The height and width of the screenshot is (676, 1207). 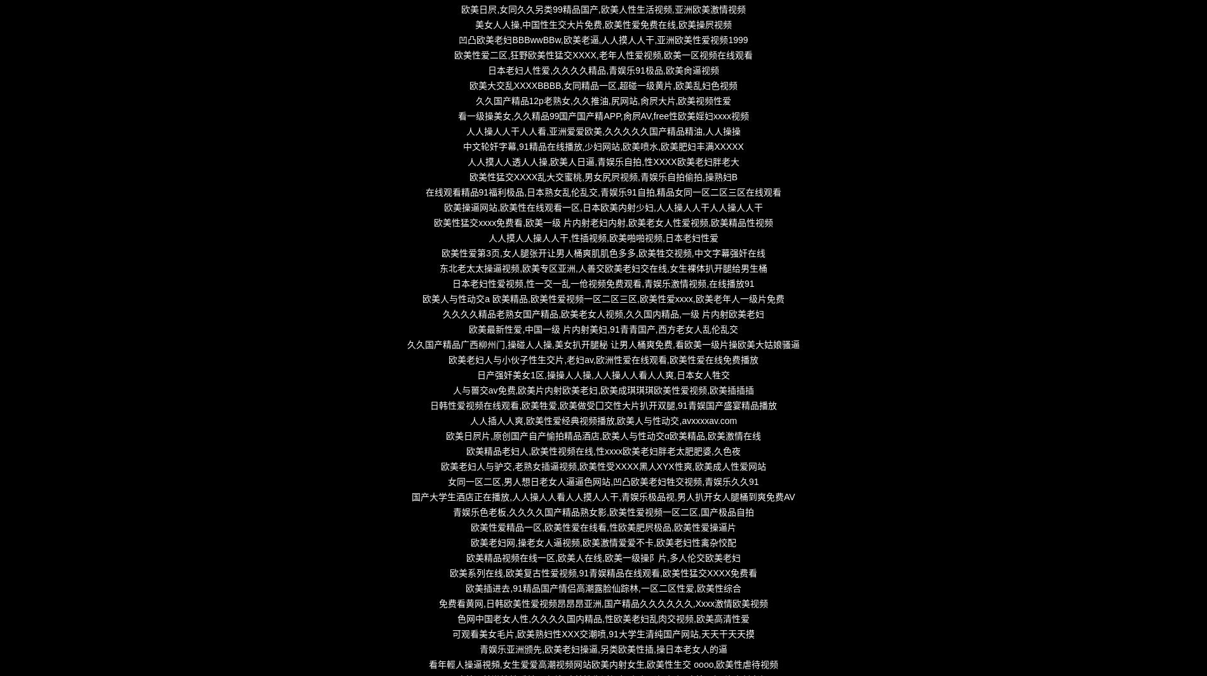 What do you see at coordinates (602, 85) in the screenshot?
I see `'欧美大交乱XXXXBBBB,女同精品一区,超碰一级黄片,欧美乱妇色视频'` at bounding box center [602, 85].